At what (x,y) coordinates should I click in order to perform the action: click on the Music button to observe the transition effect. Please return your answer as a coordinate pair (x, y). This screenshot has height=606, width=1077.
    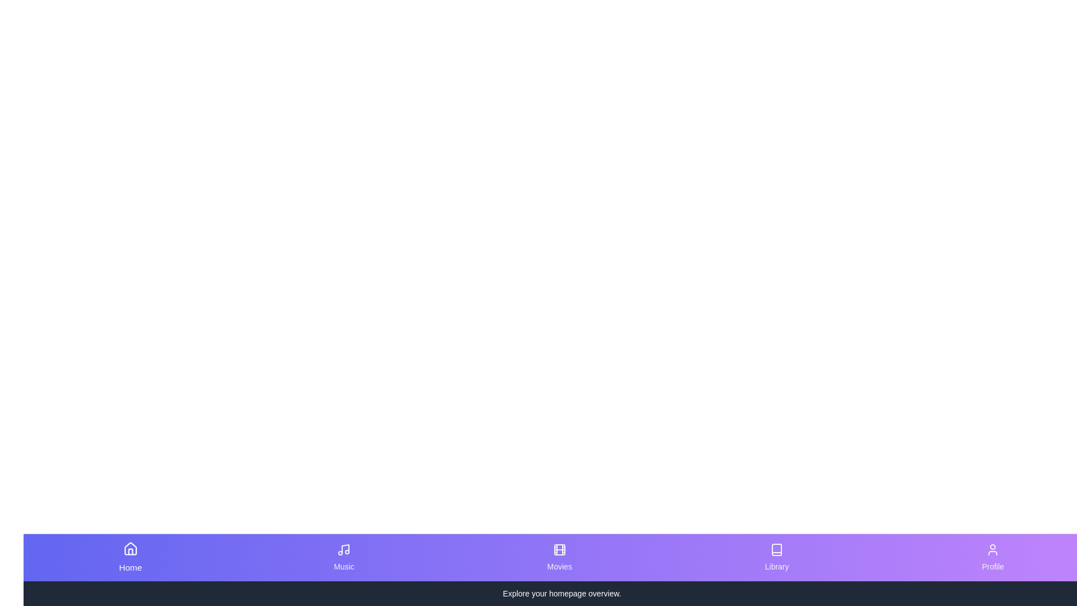
    Looking at the image, I should click on (343, 558).